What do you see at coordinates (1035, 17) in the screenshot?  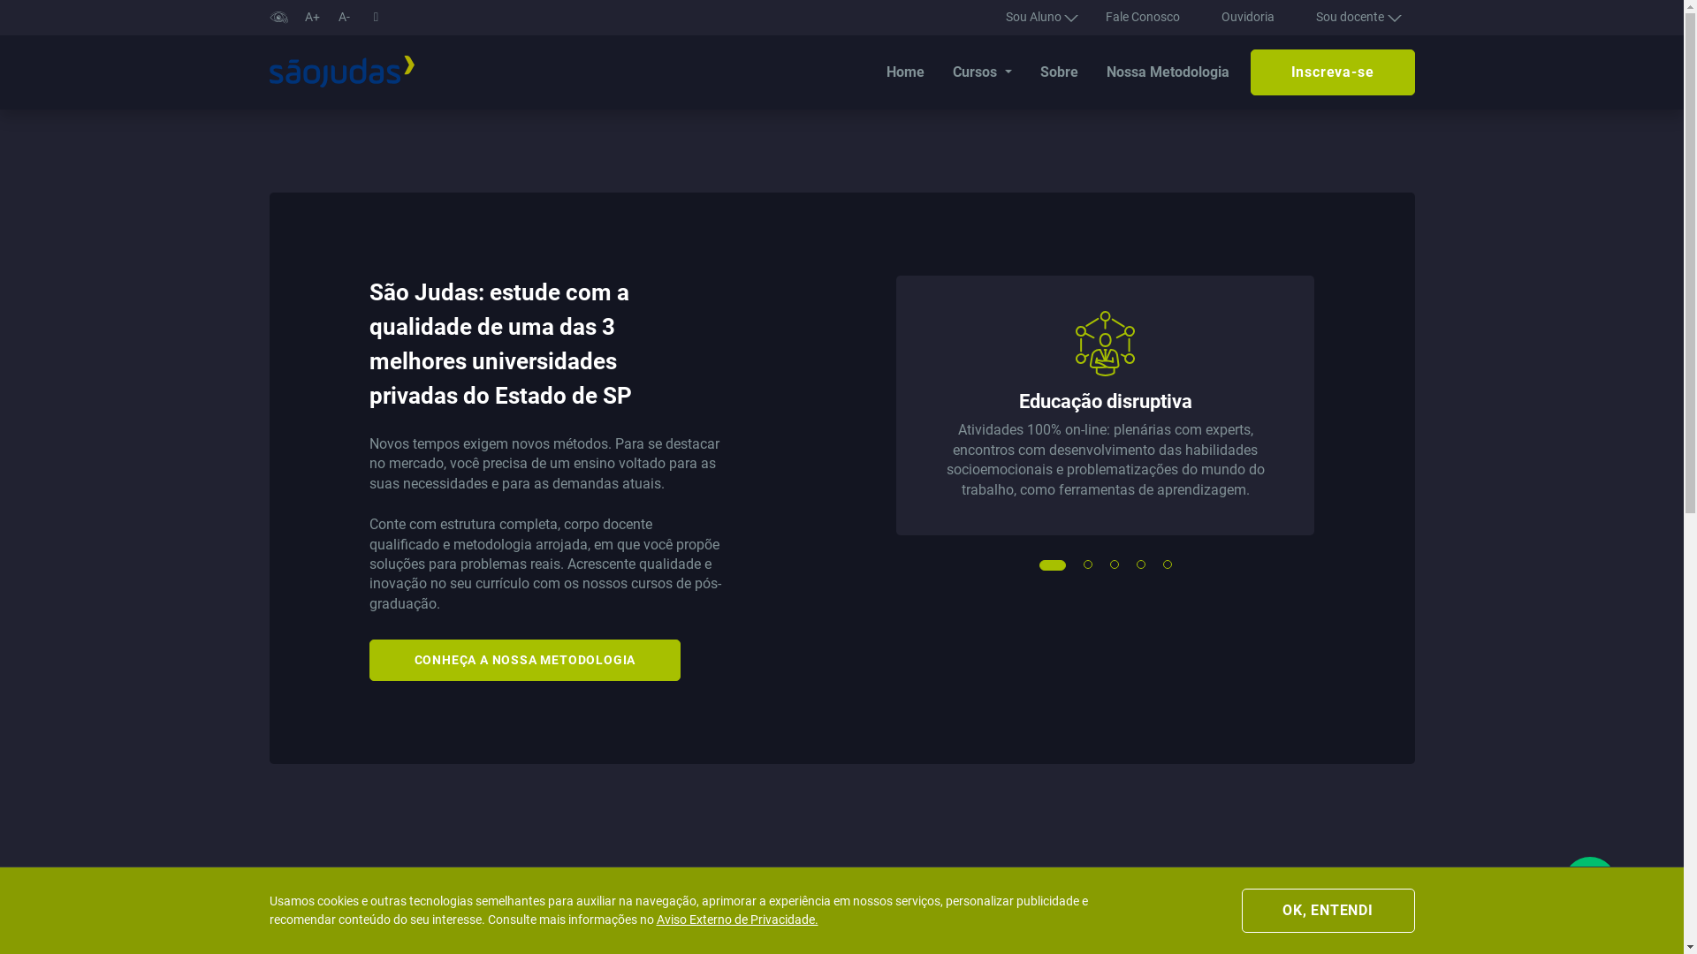 I see `'Sou Aluno'` at bounding box center [1035, 17].